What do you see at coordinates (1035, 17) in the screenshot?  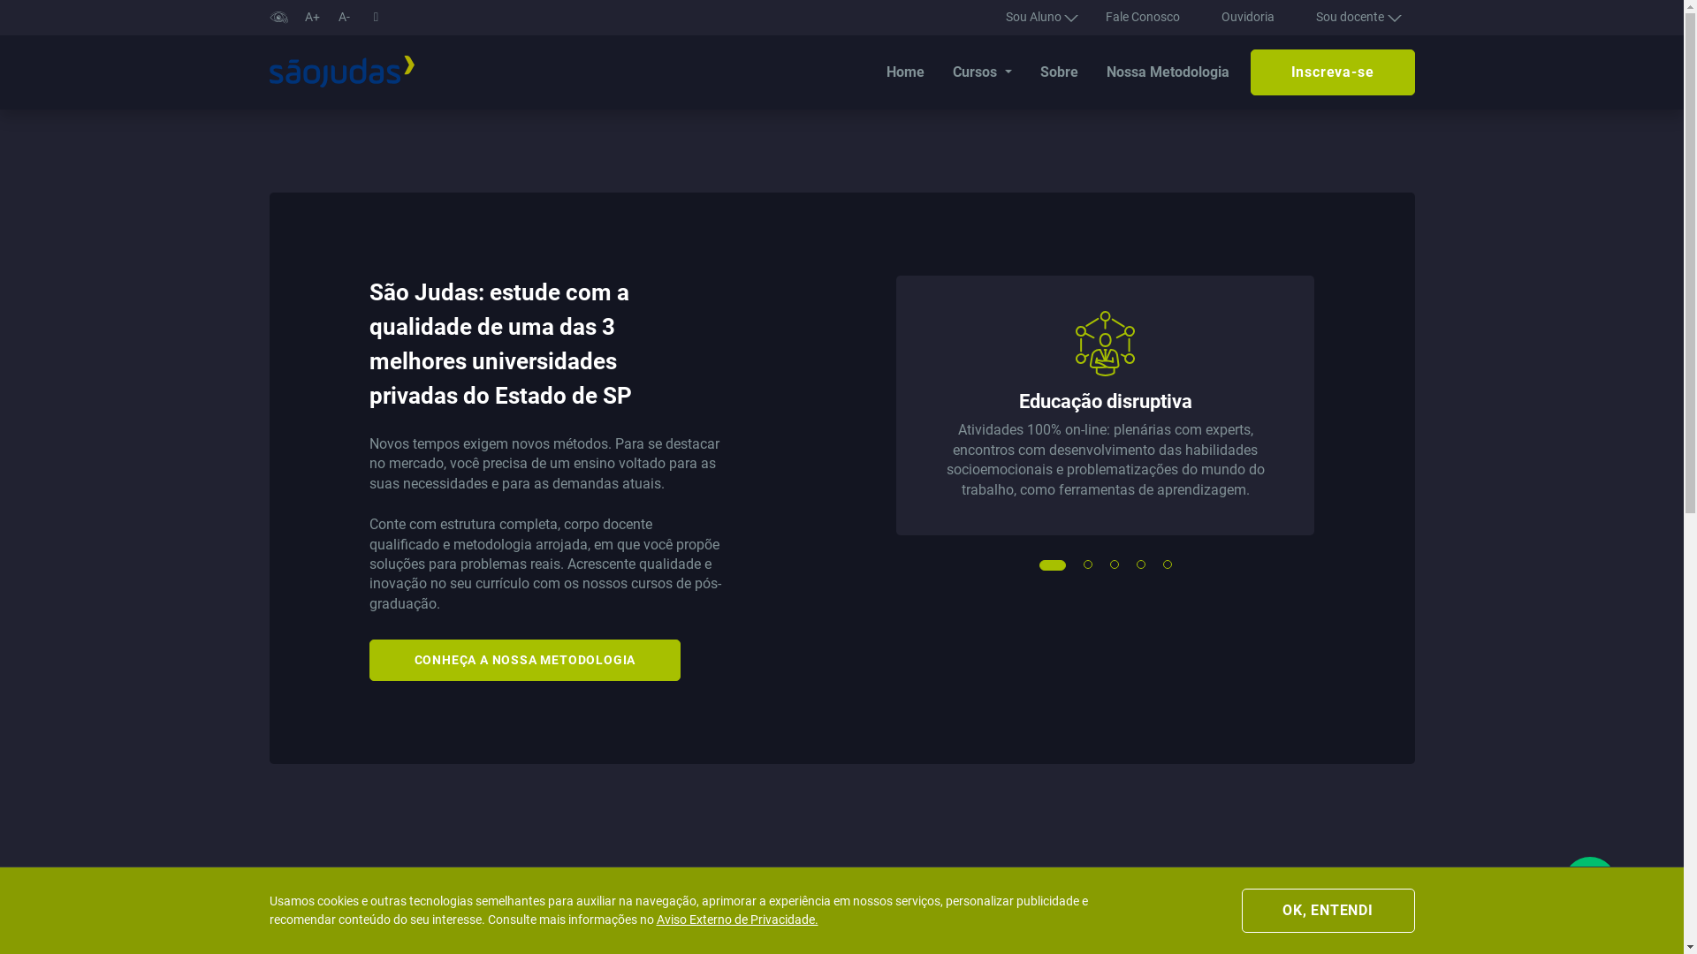 I see `'Sou Aluno'` at bounding box center [1035, 17].